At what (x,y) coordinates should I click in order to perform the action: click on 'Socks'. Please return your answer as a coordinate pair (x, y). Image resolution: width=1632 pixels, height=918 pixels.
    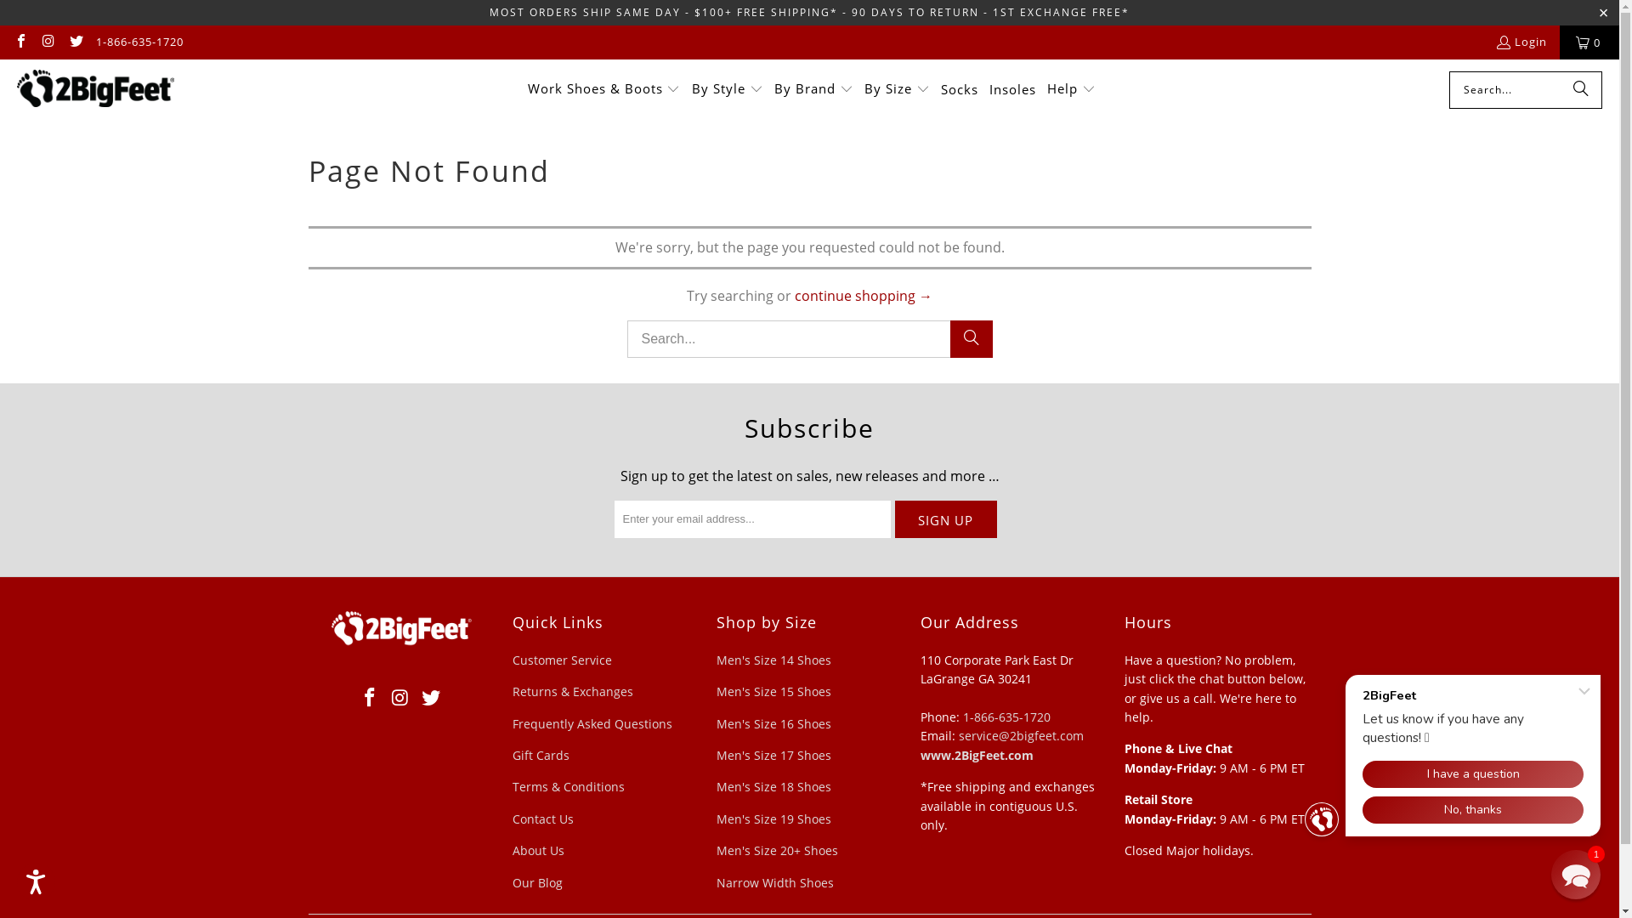
    Looking at the image, I should click on (959, 89).